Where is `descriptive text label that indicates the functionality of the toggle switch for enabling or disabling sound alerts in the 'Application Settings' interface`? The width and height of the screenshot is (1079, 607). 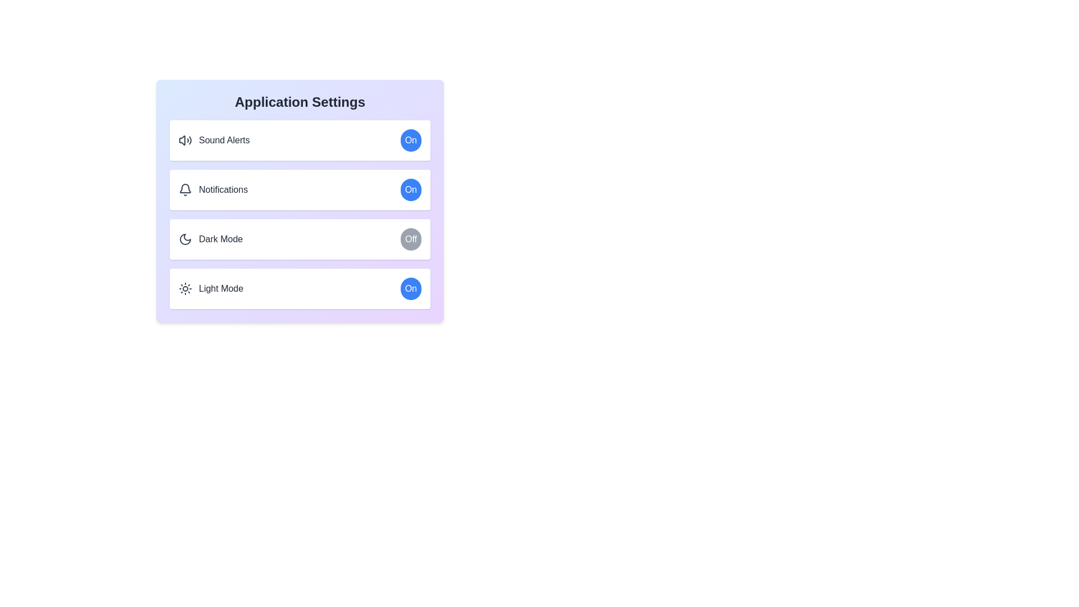
descriptive text label that indicates the functionality of the toggle switch for enabling or disabling sound alerts in the 'Application Settings' interface is located at coordinates (224, 140).